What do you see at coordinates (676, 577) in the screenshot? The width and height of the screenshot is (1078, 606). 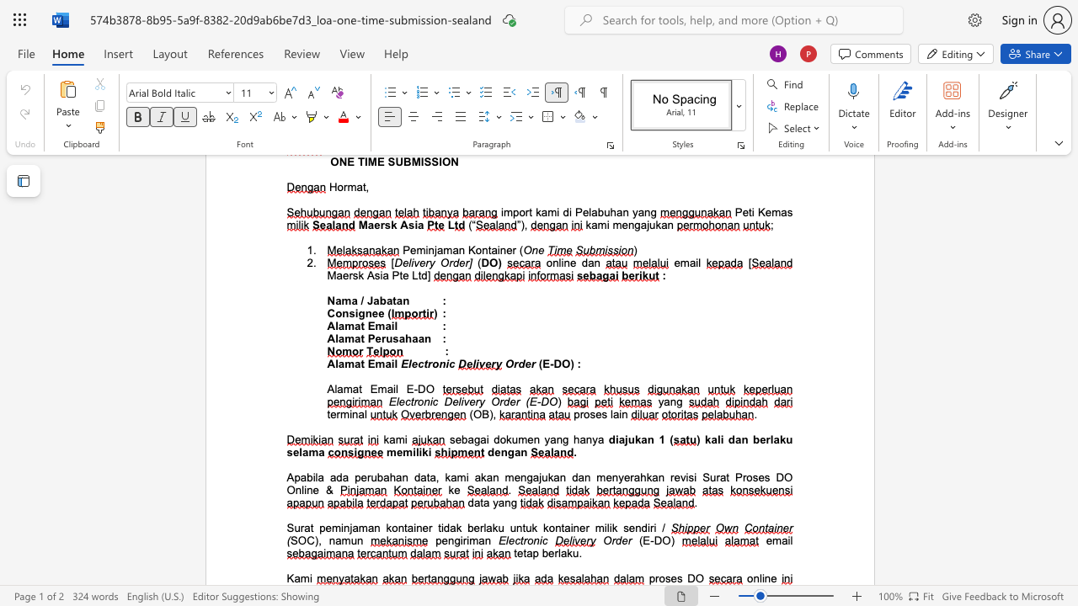 I see `the subset text "s DO" within the text "proses DO"` at bounding box center [676, 577].